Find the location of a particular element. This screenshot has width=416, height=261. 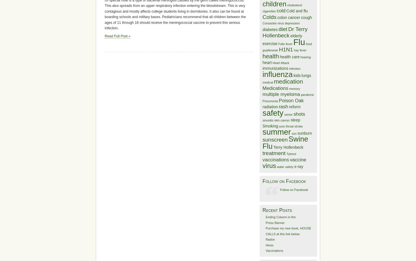

'Colds' is located at coordinates (269, 17).